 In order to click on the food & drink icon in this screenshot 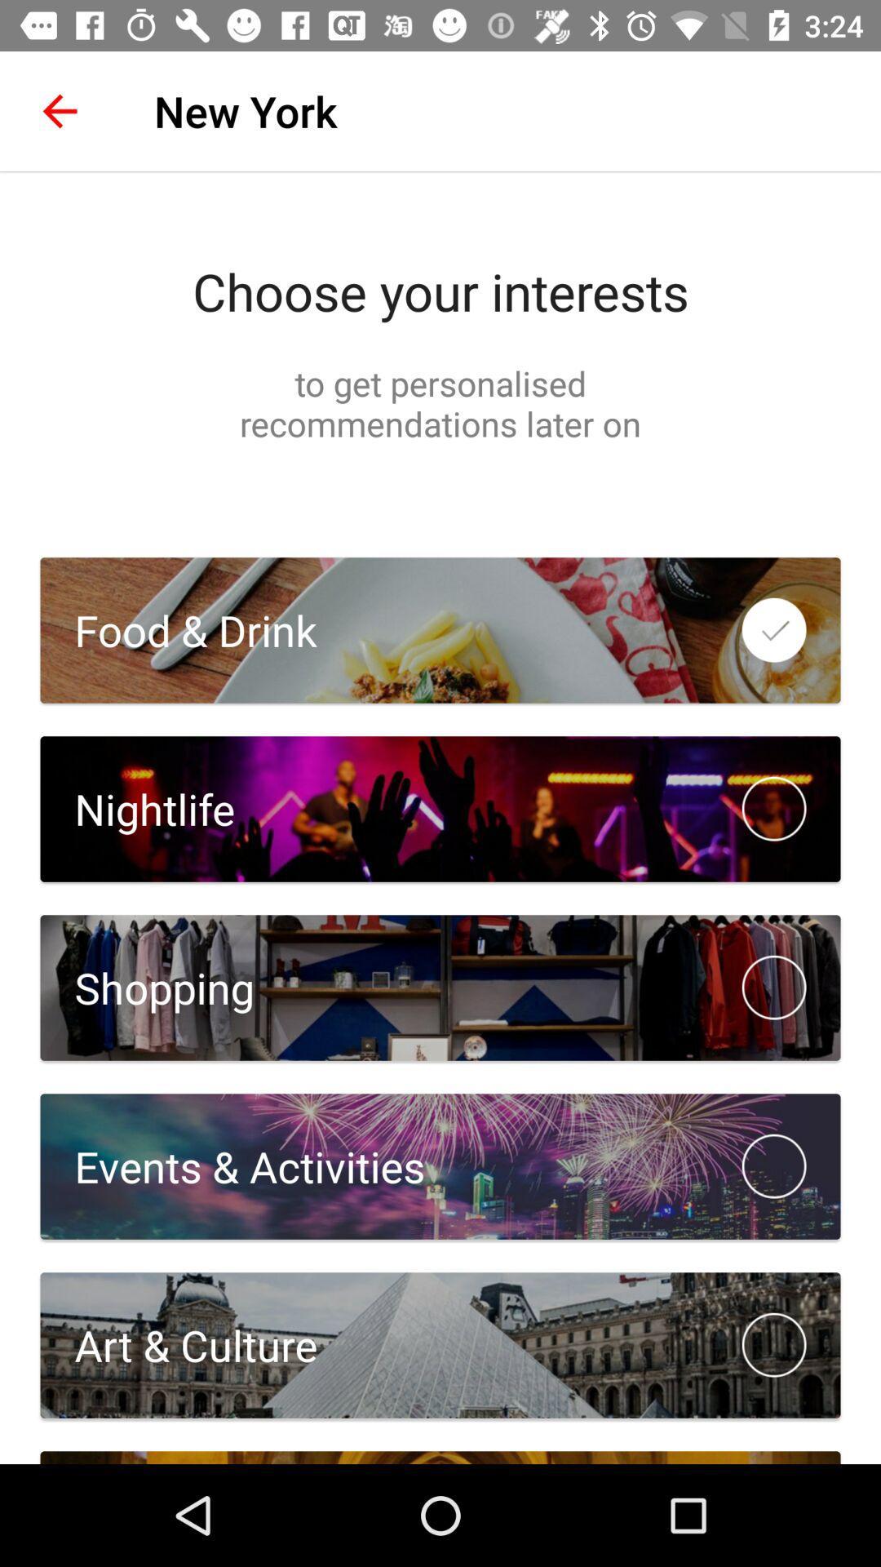, I will do `click(179, 629)`.